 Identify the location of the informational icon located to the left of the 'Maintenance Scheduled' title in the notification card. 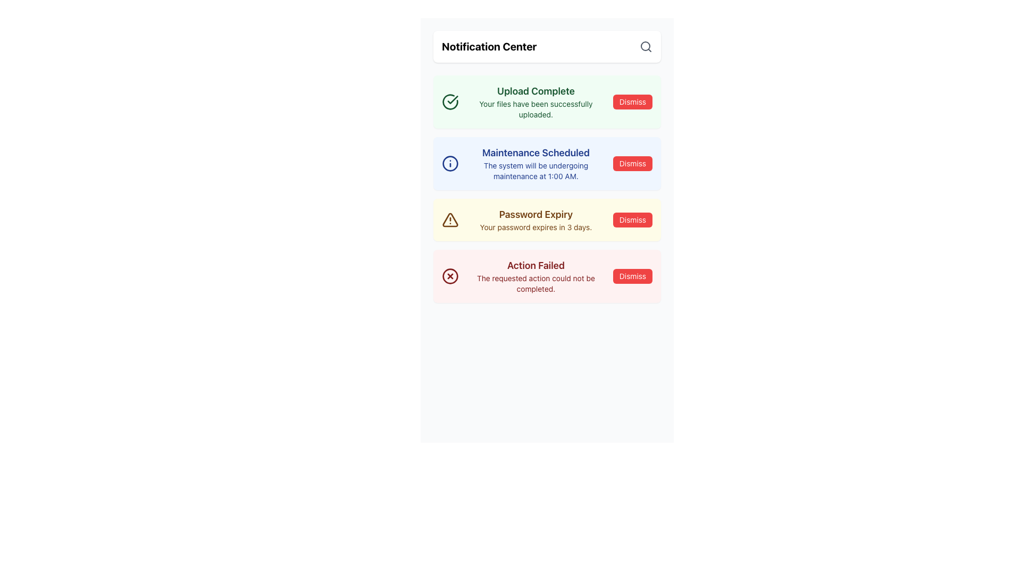
(450, 164).